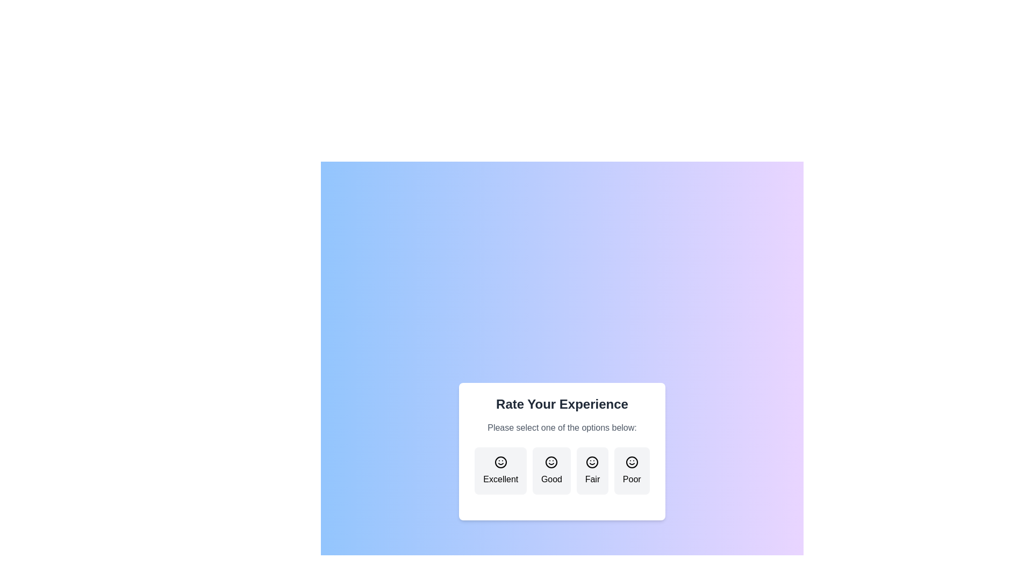 Image resolution: width=1032 pixels, height=580 pixels. Describe the element at coordinates (500, 461) in the screenshot. I see `the smiley face icon located in the first rating box labeled 'Excellent', which is part of a set of four horizontally aligned rating options in the dialog box` at that location.